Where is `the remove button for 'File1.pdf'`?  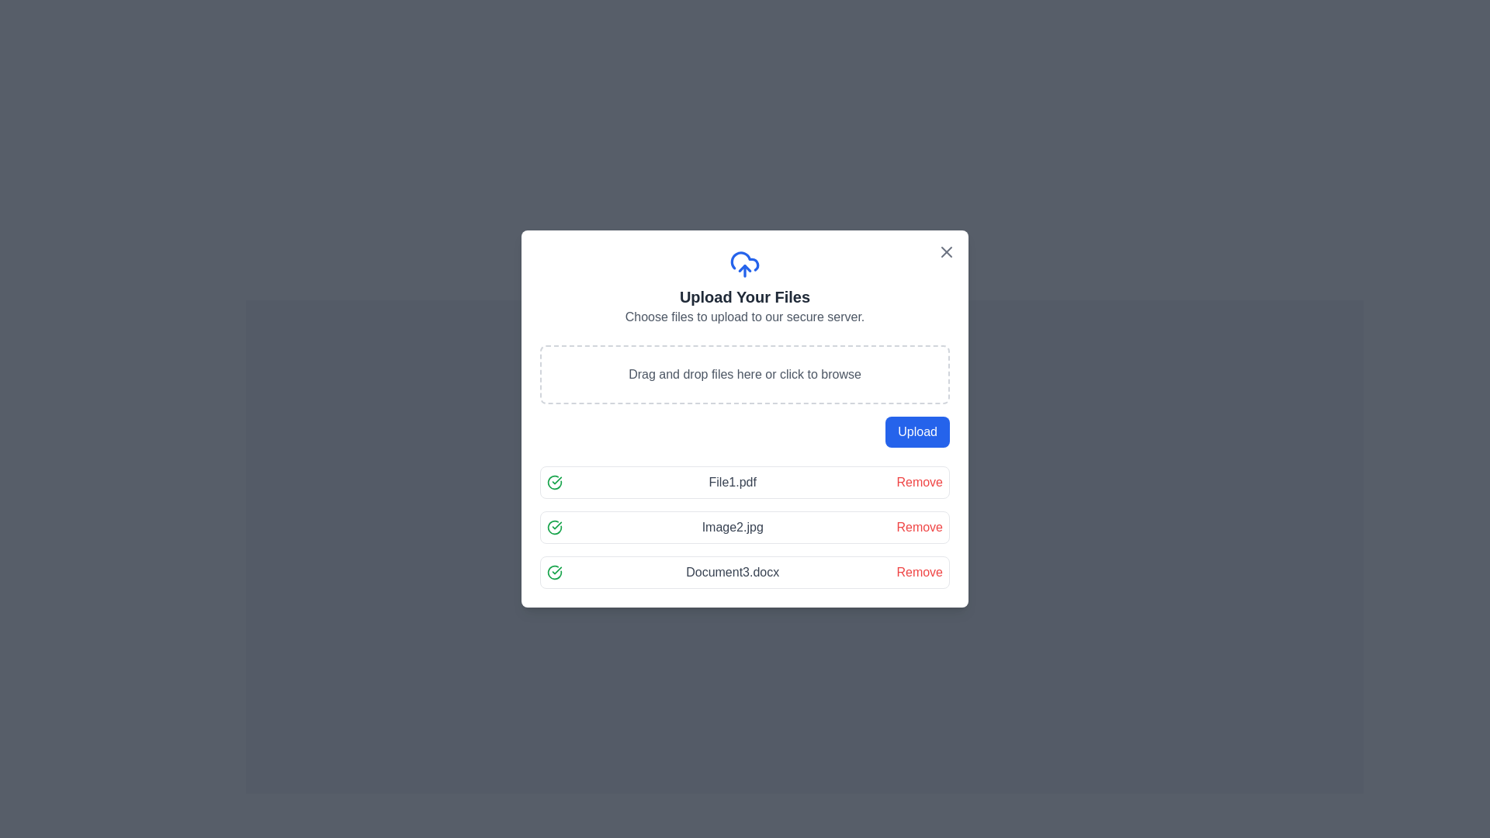 the remove button for 'File1.pdf' is located at coordinates (920, 481).